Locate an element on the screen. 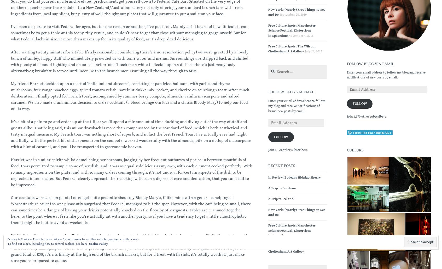  'In Review: Bodegas Hidalgo Sherry' is located at coordinates (294, 177).